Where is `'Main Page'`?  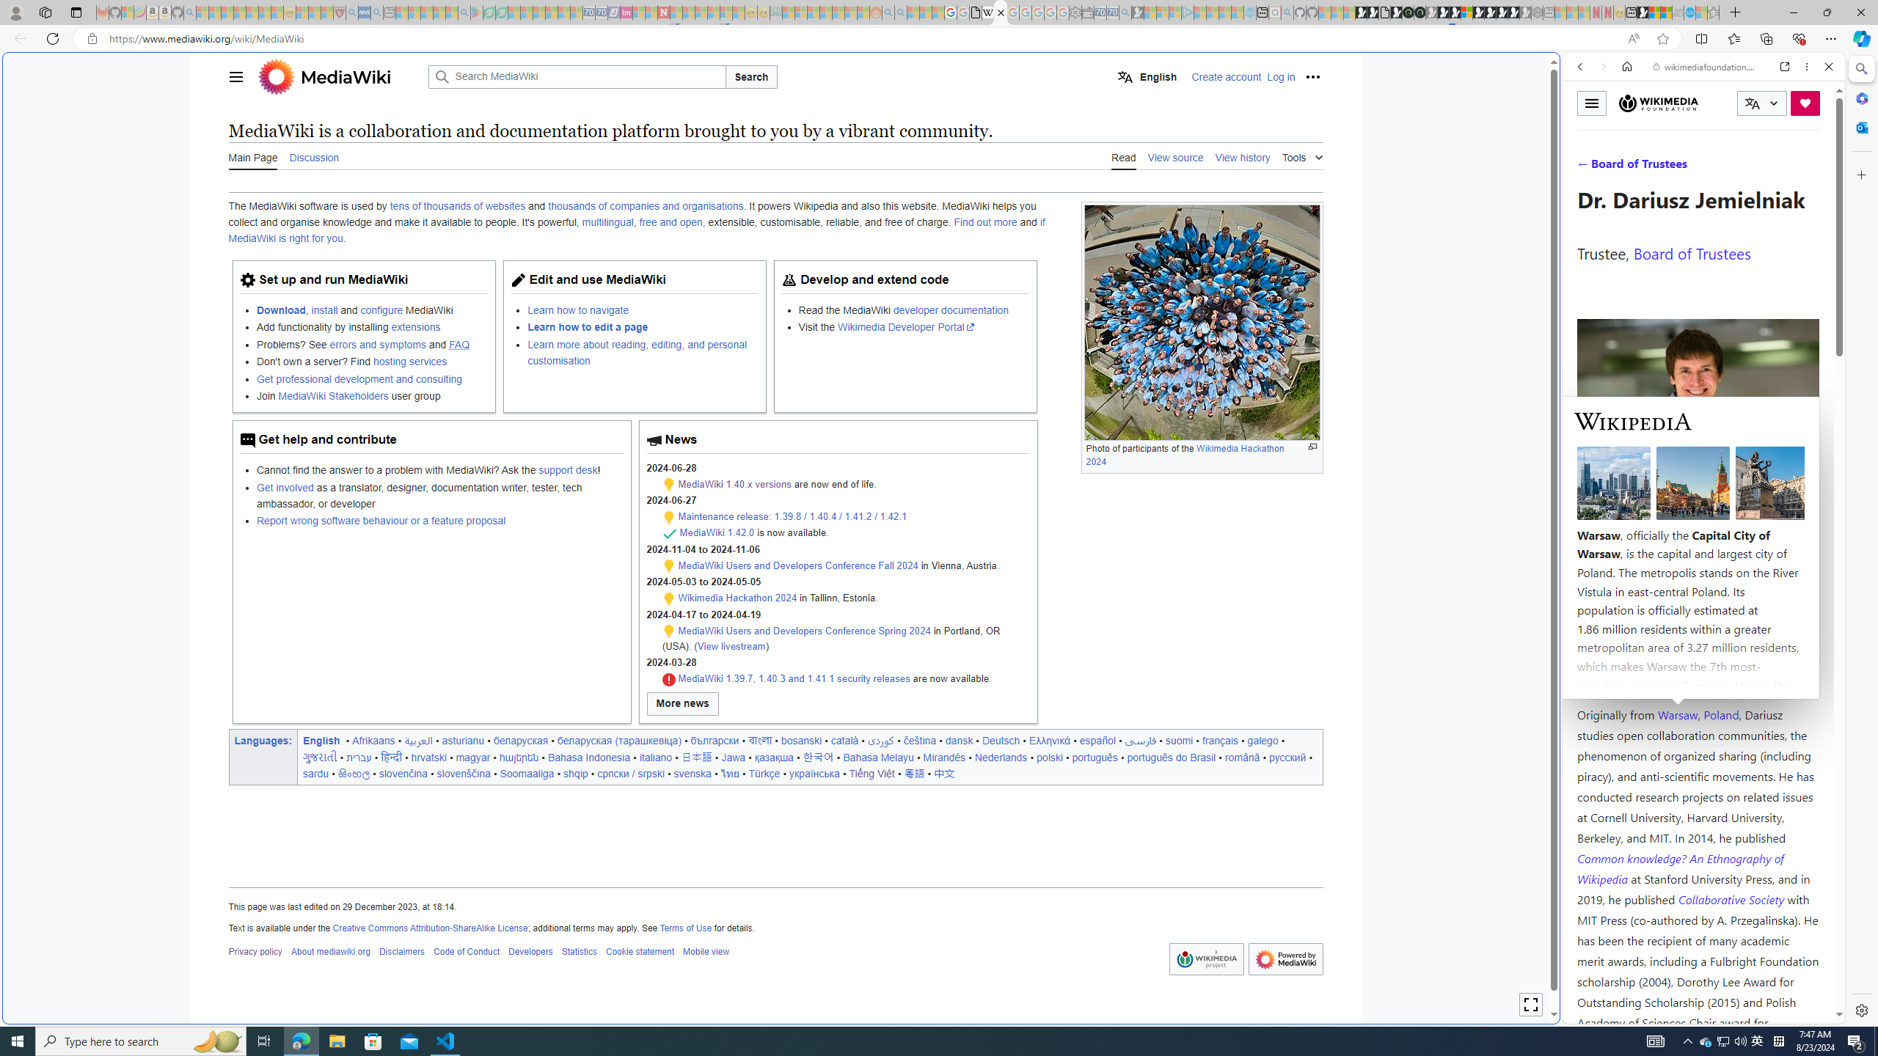 'Main Page' is located at coordinates (252, 155).